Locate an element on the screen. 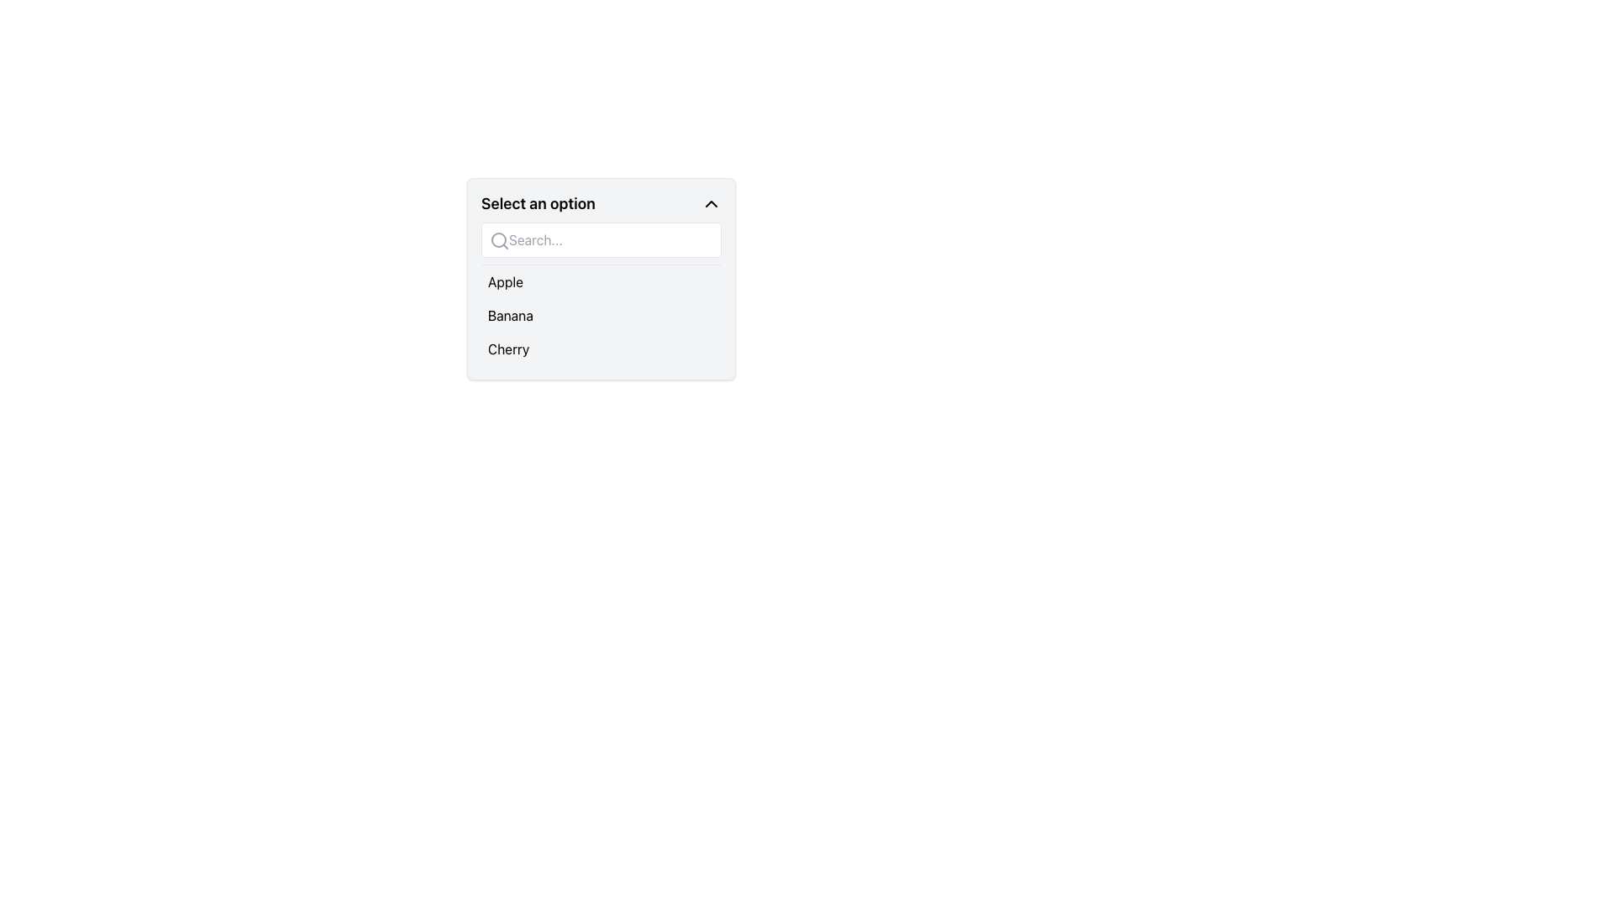  the decorative icon that visually indicates the search functionality, positioned inside the search box component and aligned to the left edge near the placeholder text 'Search...' is located at coordinates (499, 240).